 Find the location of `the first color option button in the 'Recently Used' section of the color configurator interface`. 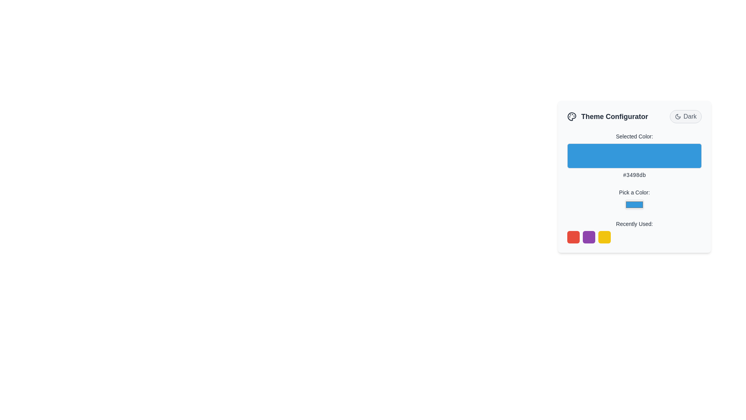

the first color option button in the 'Recently Used' section of the color configurator interface is located at coordinates (573, 236).